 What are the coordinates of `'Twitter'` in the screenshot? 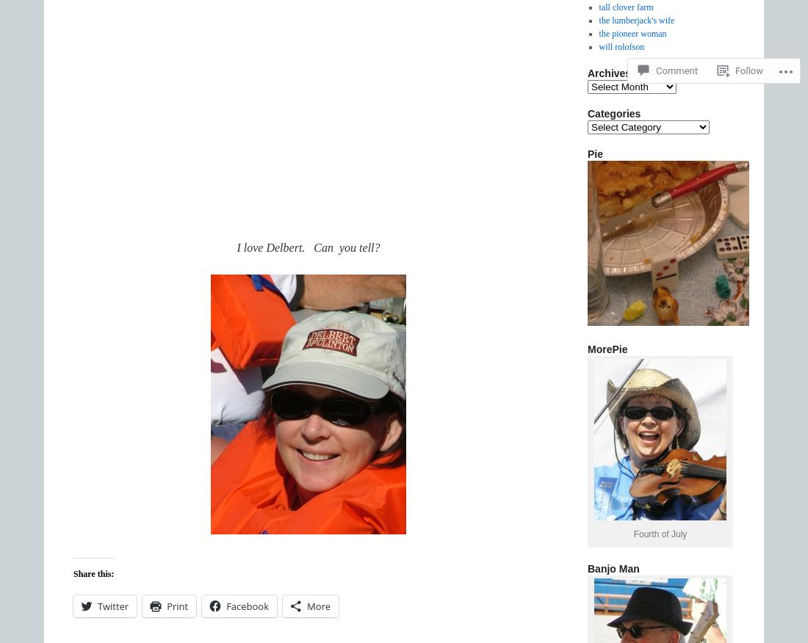 It's located at (112, 606).